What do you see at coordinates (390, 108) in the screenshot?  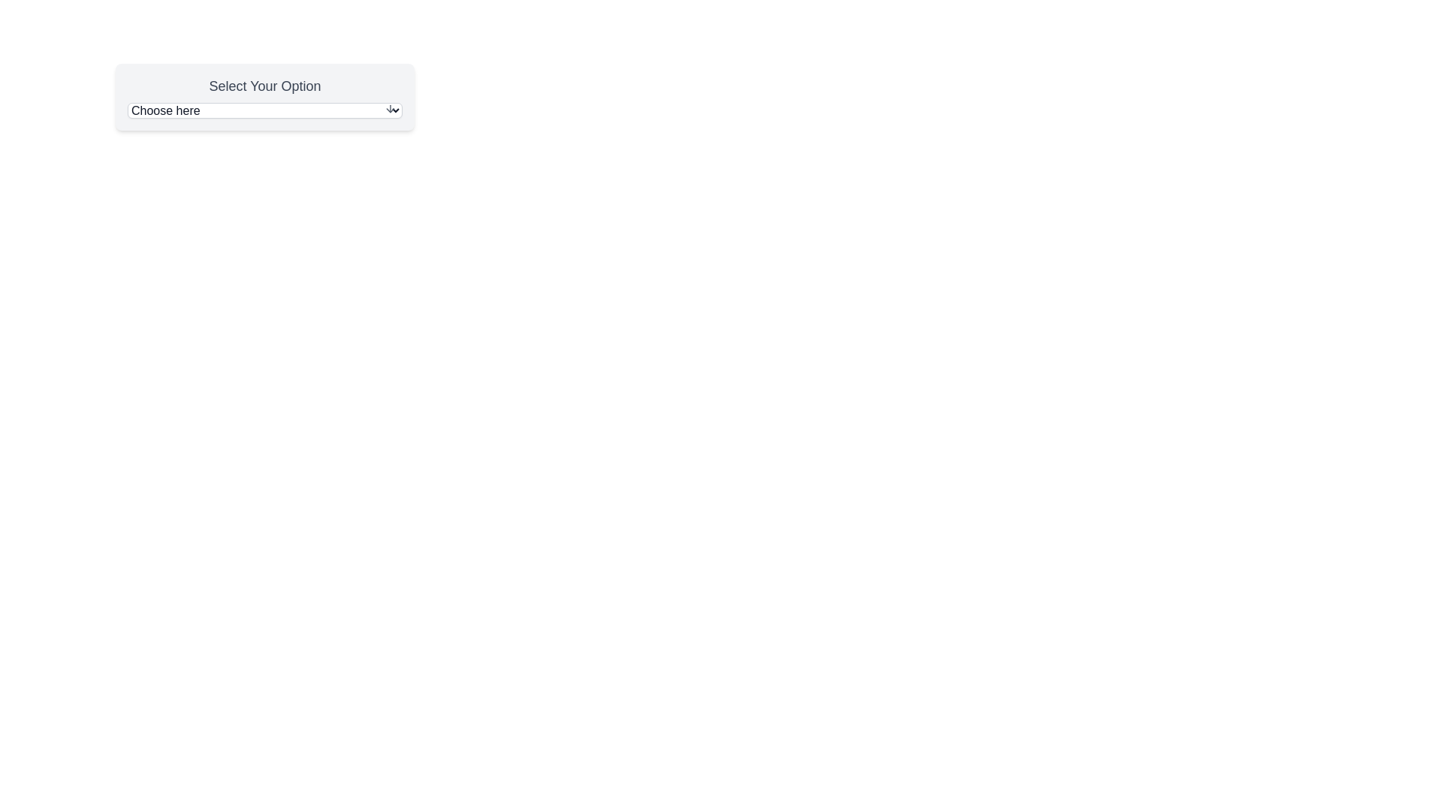 I see `the arrow icon located on the far-right side of the 'Choose here' dropdown input field` at bounding box center [390, 108].